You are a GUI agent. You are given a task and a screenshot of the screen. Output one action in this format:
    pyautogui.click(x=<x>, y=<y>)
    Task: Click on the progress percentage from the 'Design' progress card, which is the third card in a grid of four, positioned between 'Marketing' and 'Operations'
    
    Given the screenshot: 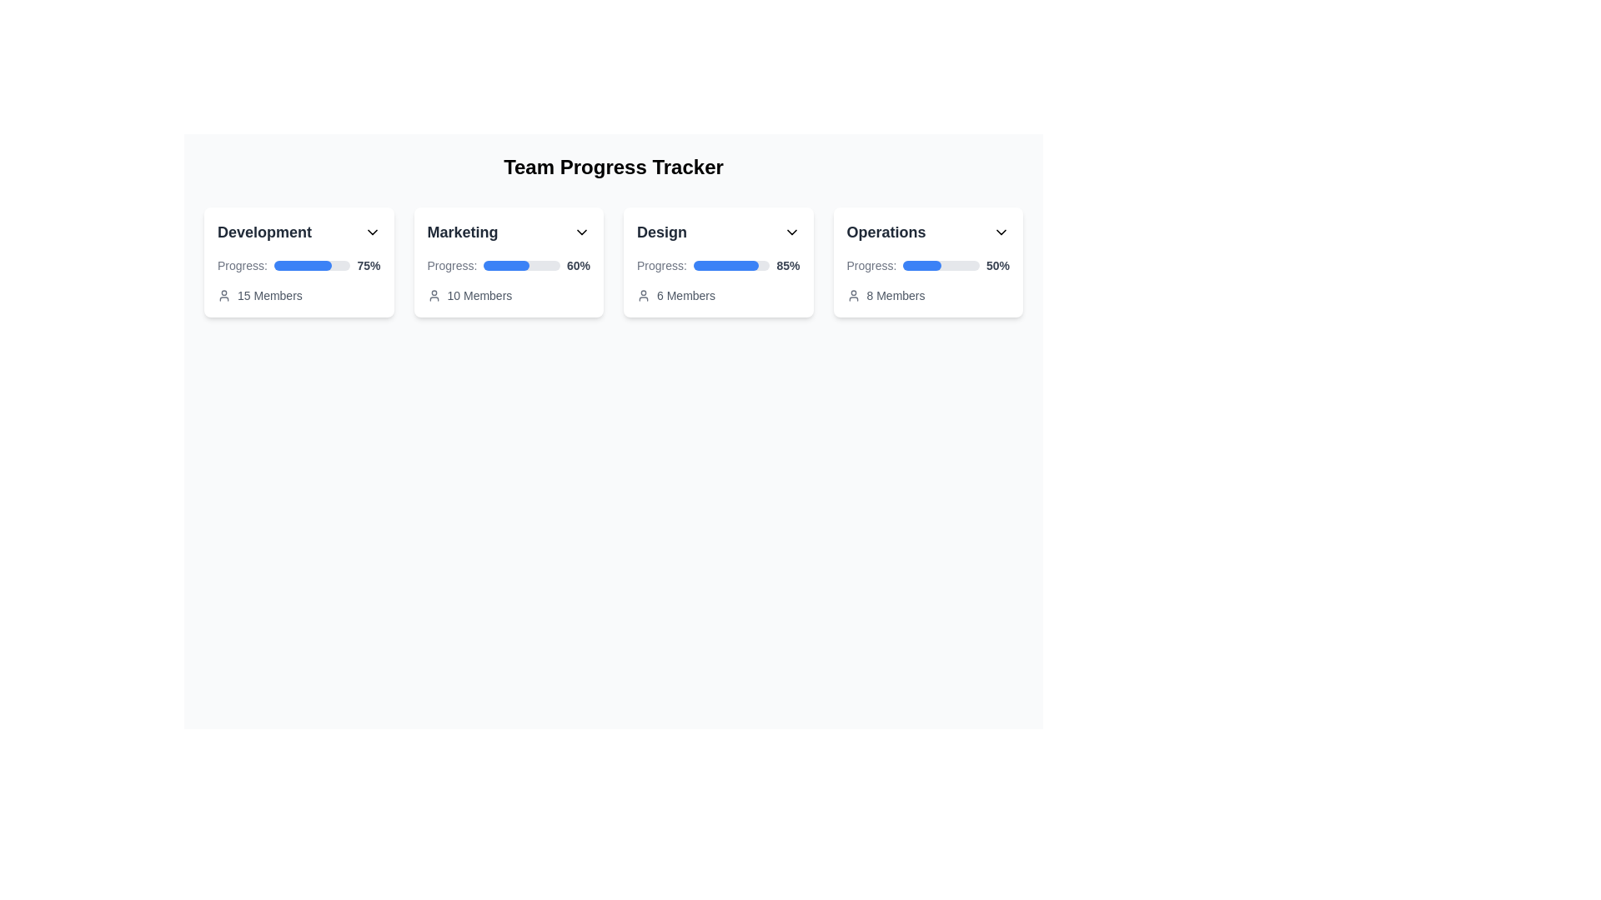 What is the action you would take?
    pyautogui.click(x=718, y=262)
    